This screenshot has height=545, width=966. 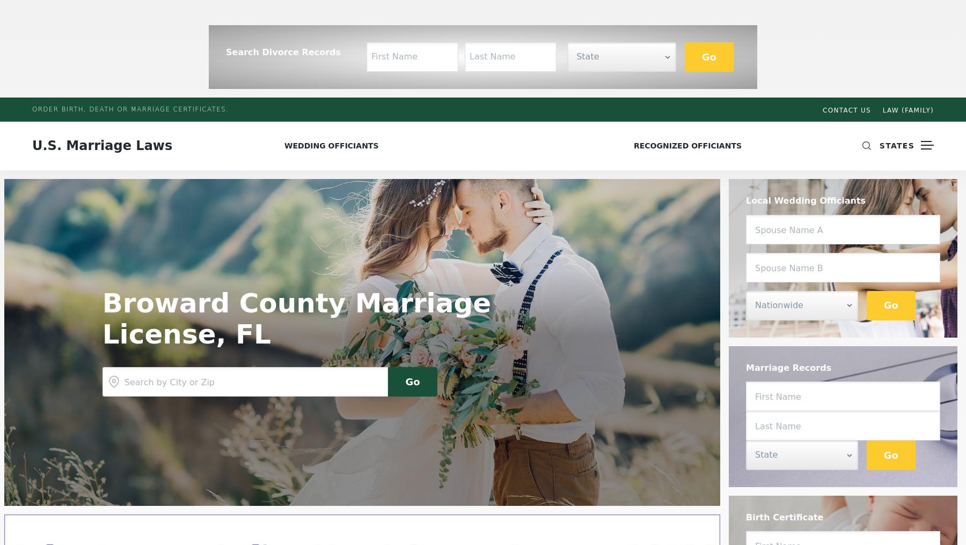 What do you see at coordinates (296, 318) in the screenshot?
I see `'Broward County Marriage License, FL'` at bounding box center [296, 318].